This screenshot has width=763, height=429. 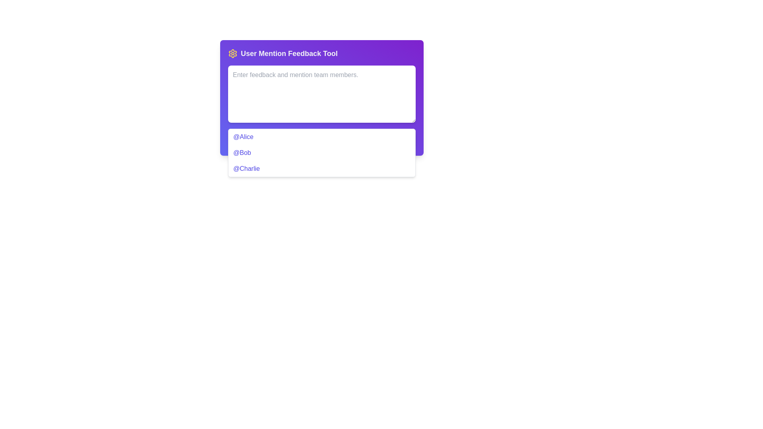 I want to click on the first selectable option '@Alice' in the dropdown list for user mentions in the feedback tool, located directly below the purple section titled 'User Mention Feedback Tool', so click(x=322, y=139).